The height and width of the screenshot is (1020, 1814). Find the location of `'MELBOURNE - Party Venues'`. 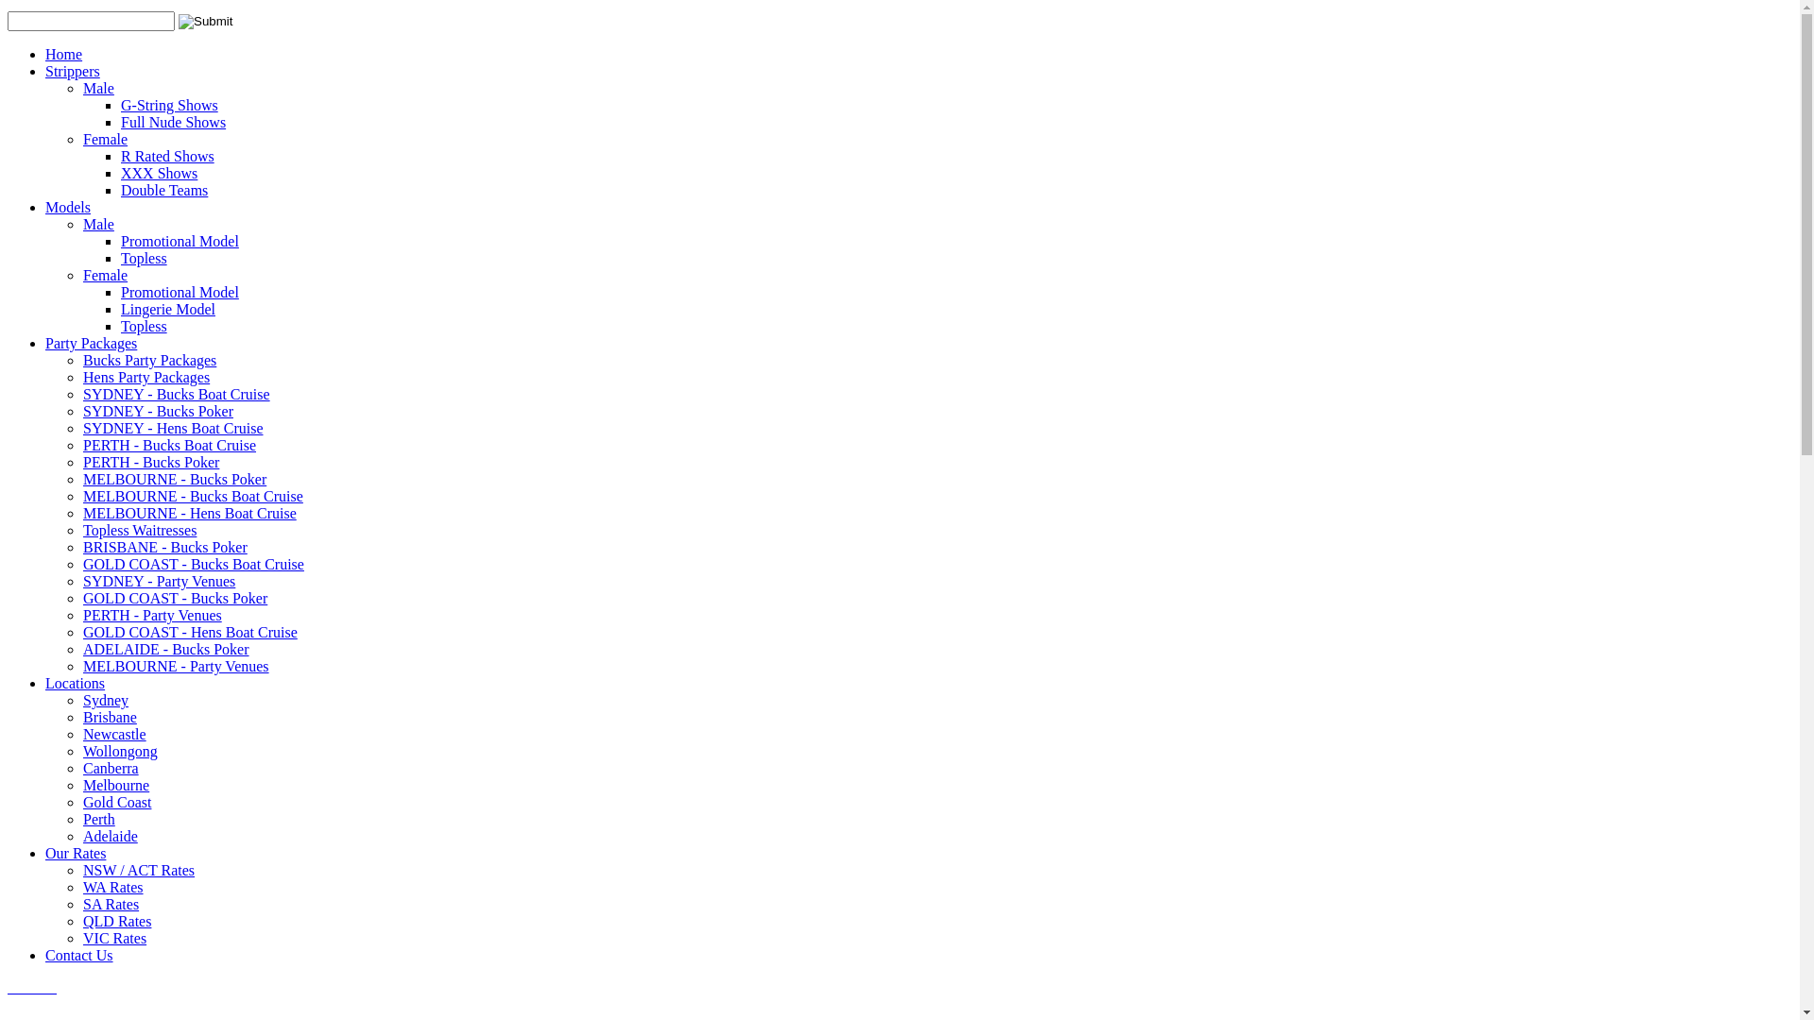

'MELBOURNE - Party Venues' is located at coordinates (176, 665).